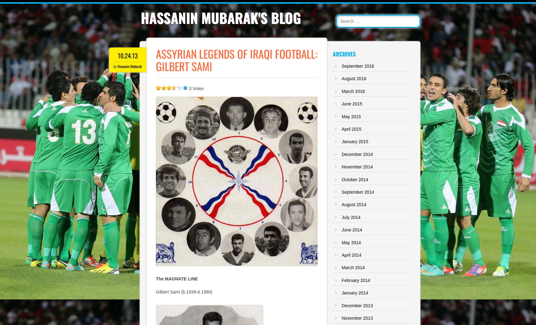 The height and width of the screenshot is (325, 536). I want to click on 'February 2014', so click(356, 279).